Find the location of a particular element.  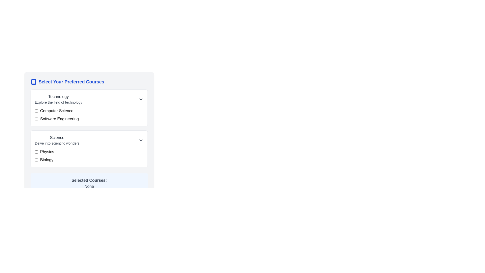

the checkbox styled with rounded corners and a gray border located to the left of the label 'Biology' is located at coordinates (36, 160).